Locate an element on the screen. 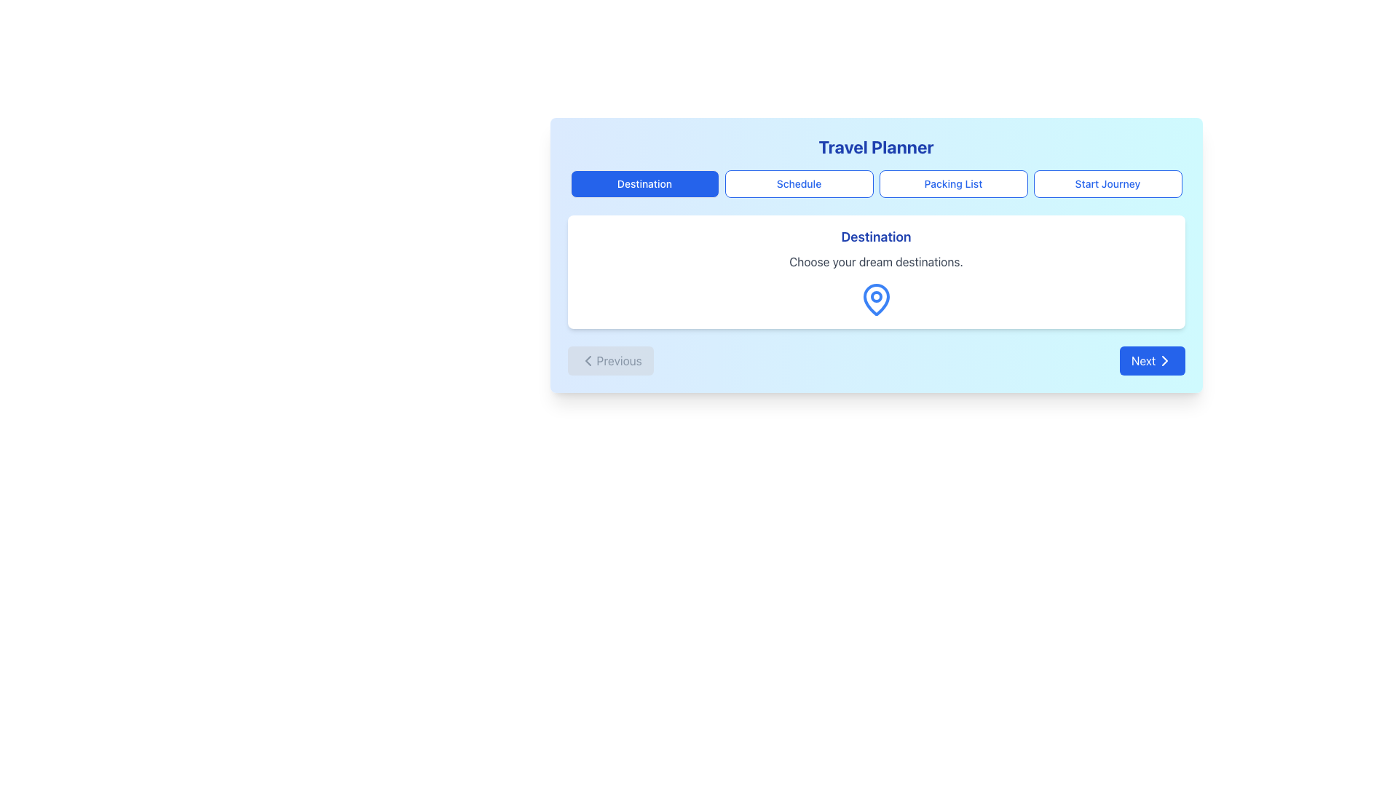 This screenshot has width=1398, height=786. the static text element that reads 'Choose your dream destinations.' located below the heading 'Destination' in a card-like section is located at coordinates (875, 261).